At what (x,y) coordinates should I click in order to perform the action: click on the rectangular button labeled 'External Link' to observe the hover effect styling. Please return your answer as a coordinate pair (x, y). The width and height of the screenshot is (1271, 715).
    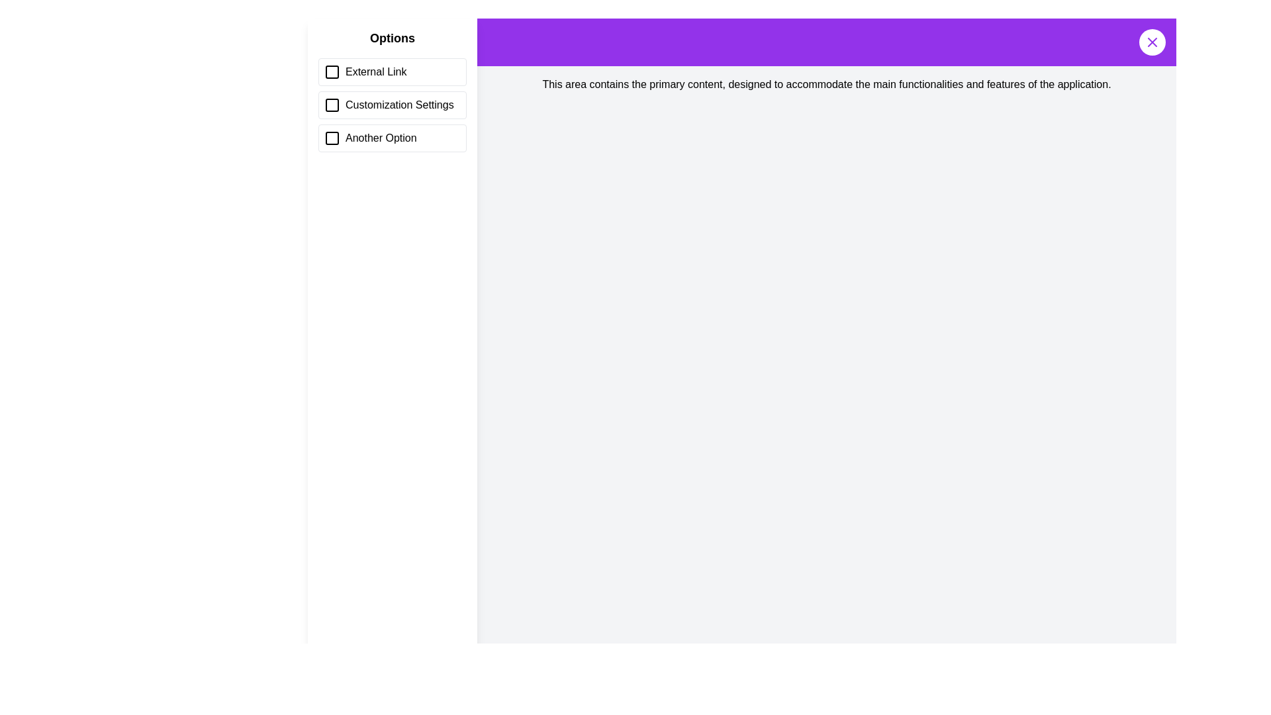
    Looking at the image, I should click on (392, 71).